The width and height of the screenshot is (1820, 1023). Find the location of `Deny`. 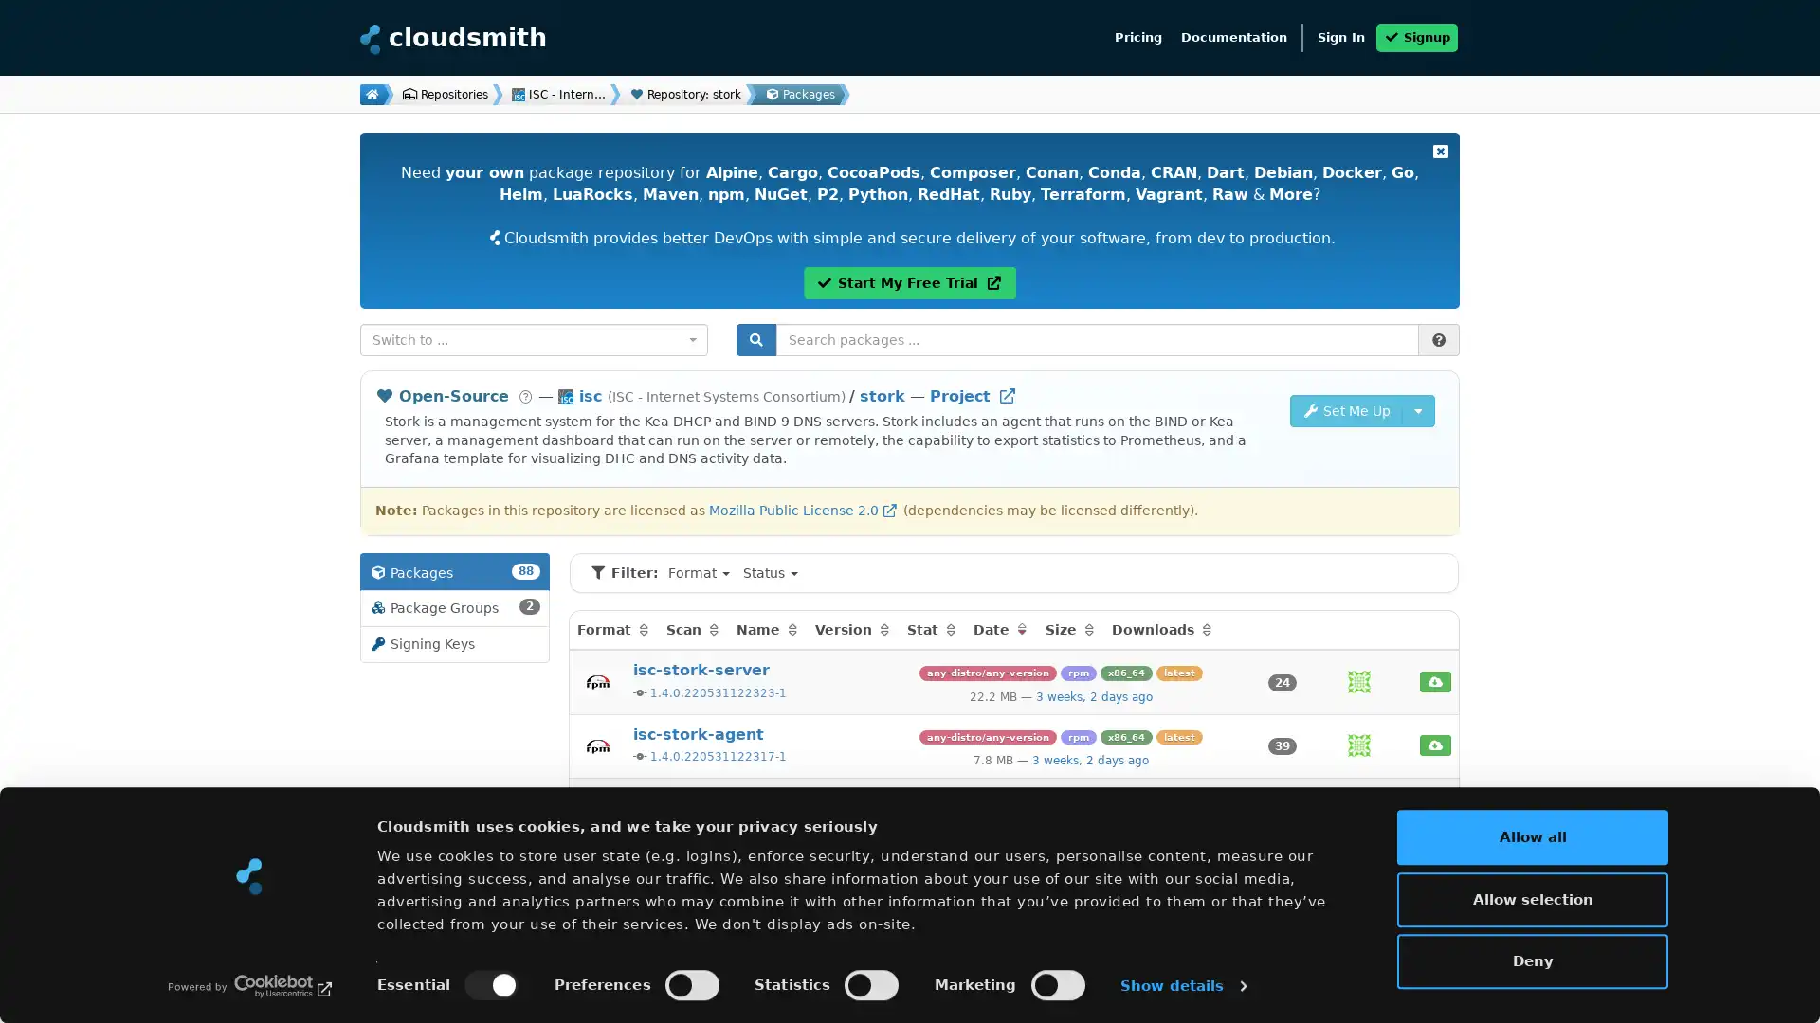

Deny is located at coordinates (1533, 960).